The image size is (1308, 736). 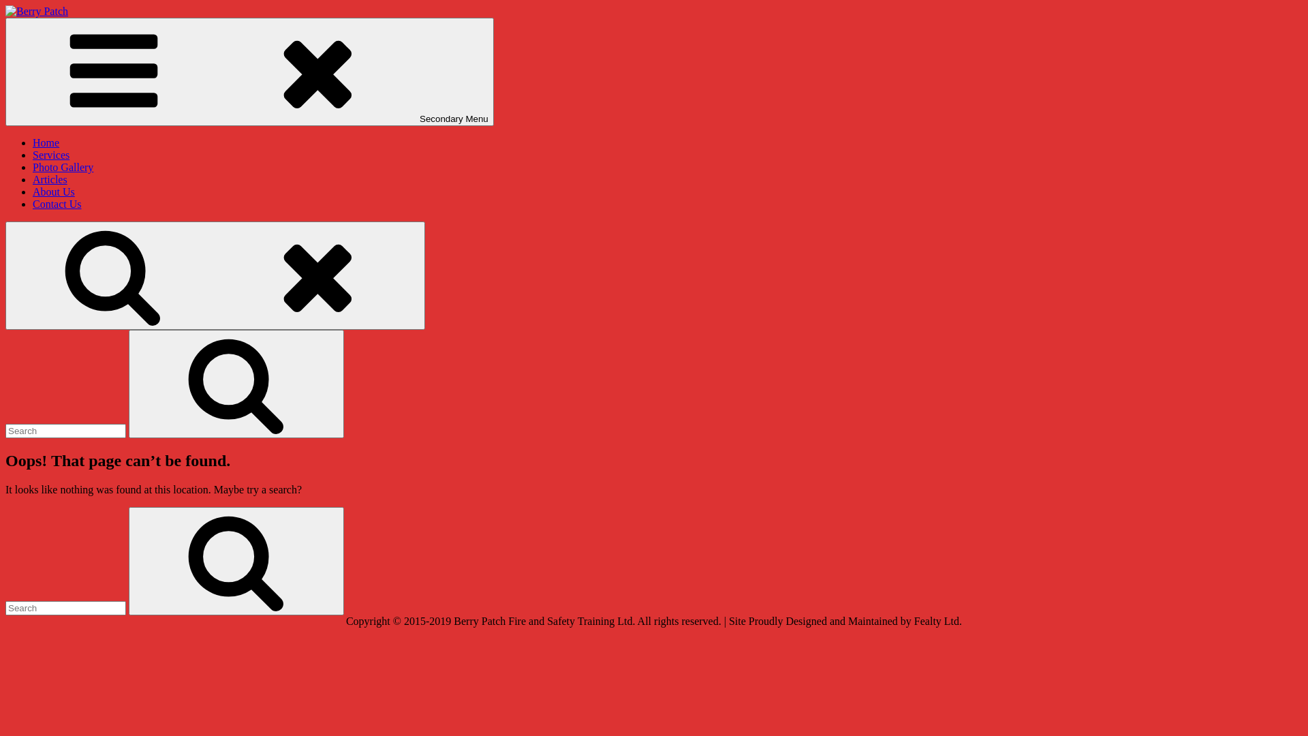 I want to click on 'Berry Patch', so click(x=31, y=33).